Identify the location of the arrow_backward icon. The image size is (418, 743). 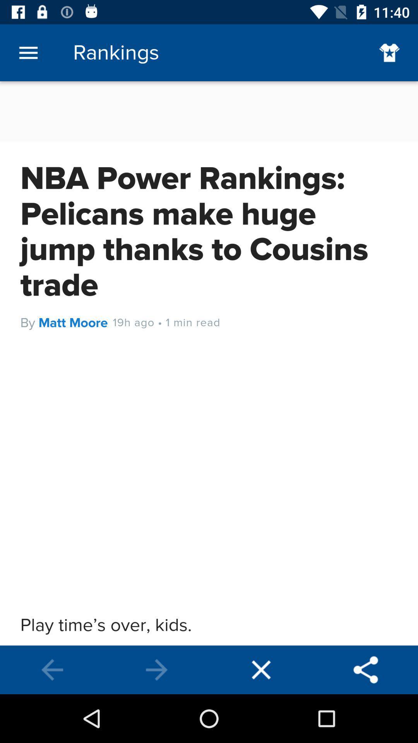
(52, 669).